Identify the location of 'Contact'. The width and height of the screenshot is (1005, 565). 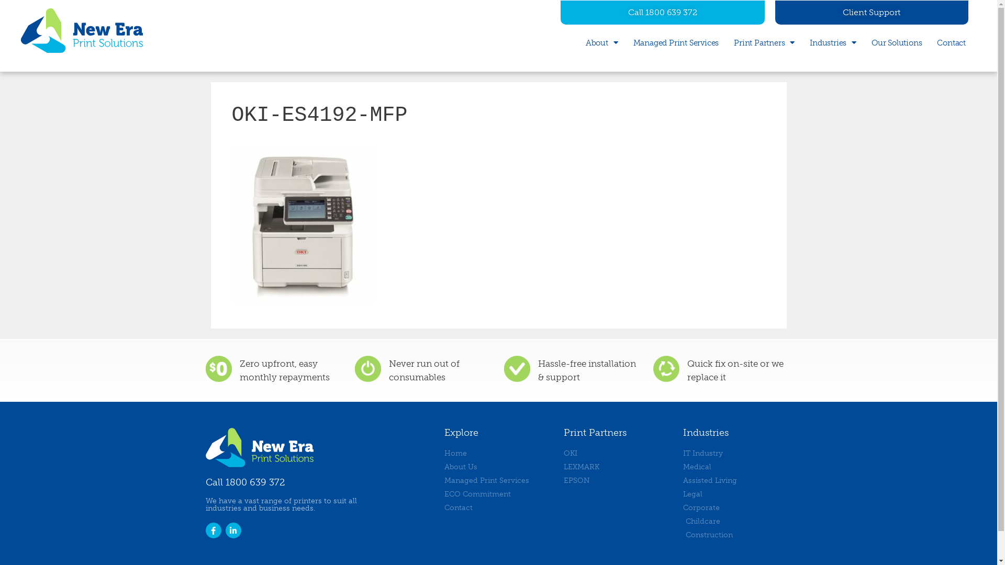
(951, 42).